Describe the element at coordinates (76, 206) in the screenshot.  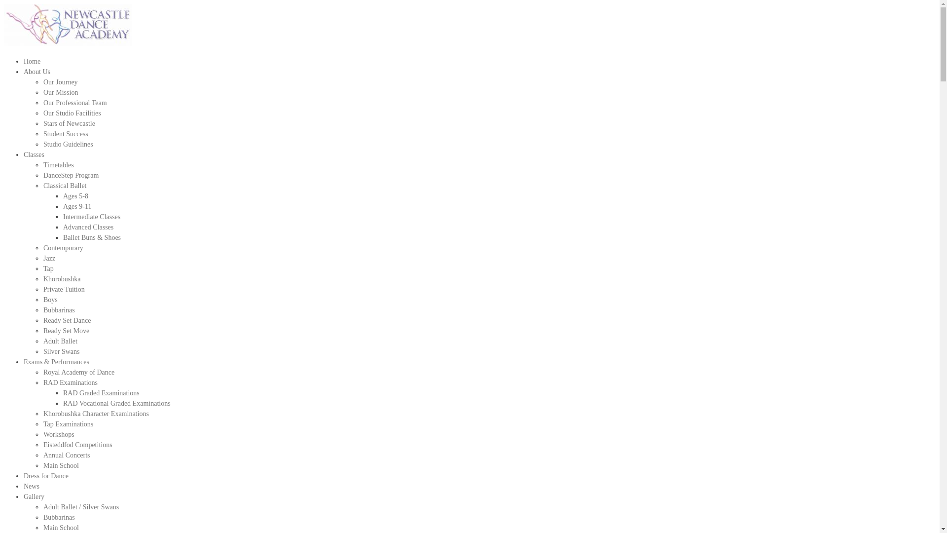
I see `'Ages 9-11'` at that location.